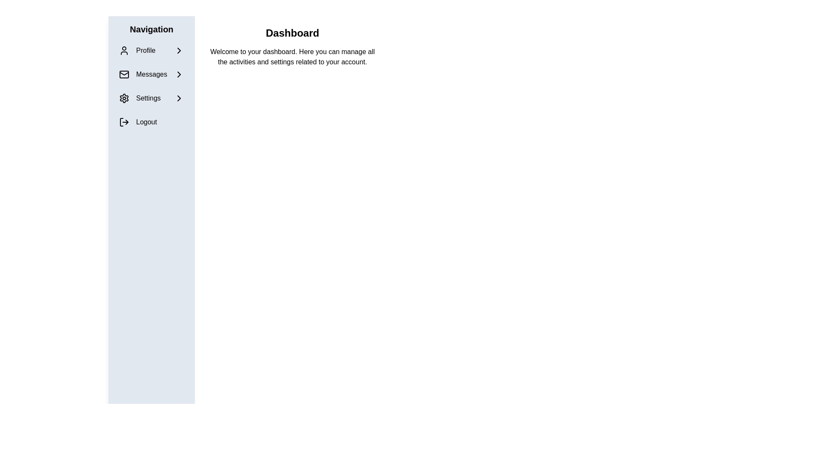 Image resolution: width=817 pixels, height=460 pixels. Describe the element at coordinates (124, 74) in the screenshot. I see `the mail icon, which is an outlined rectangular icon located to the left of the 'Messages' text in the navigation sidebar` at that location.